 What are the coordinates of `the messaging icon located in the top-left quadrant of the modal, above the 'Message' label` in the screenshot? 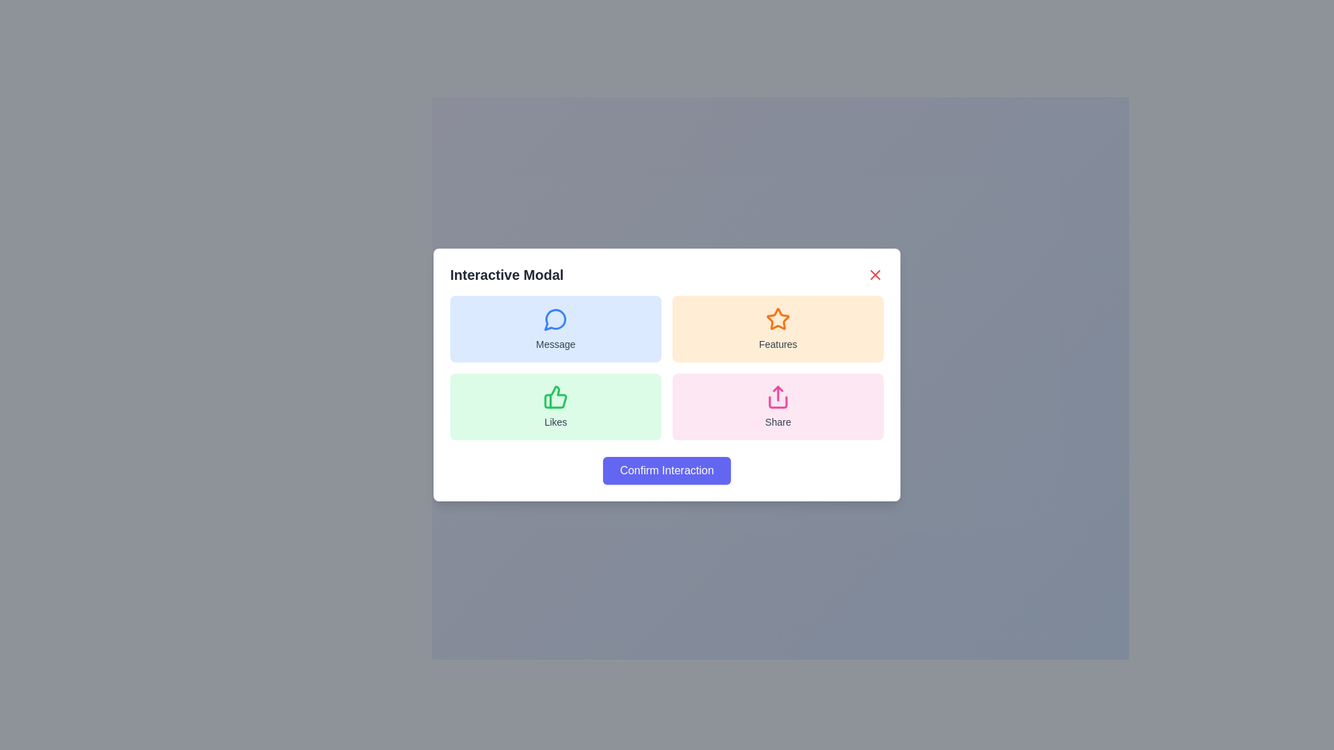 It's located at (554, 319).